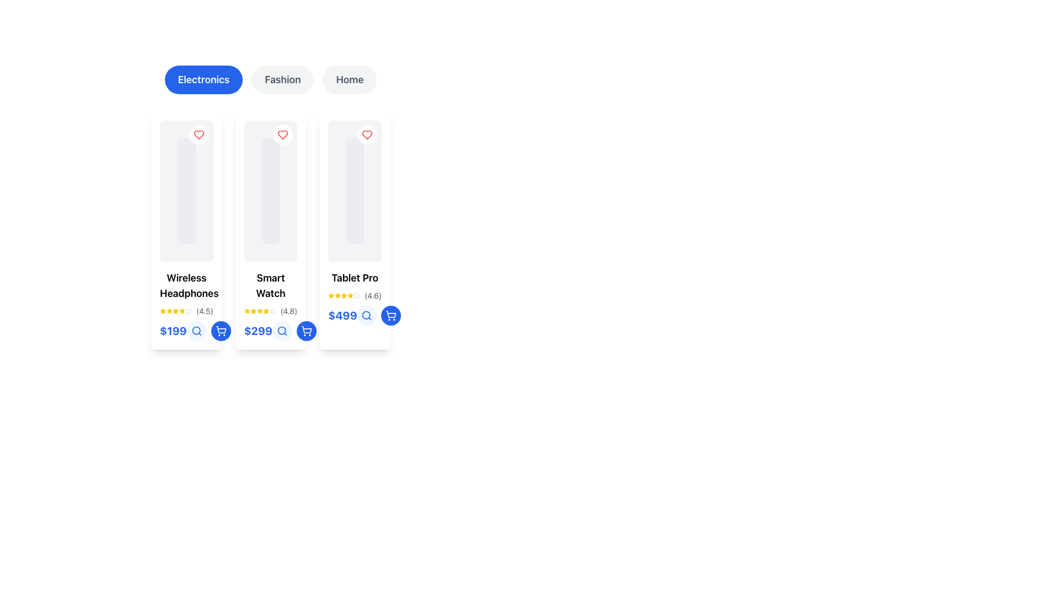  What do you see at coordinates (266, 311) in the screenshot?
I see `the state of the fifth rating star icon indicating the Smart Watch product's rating` at bounding box center [266, 311].